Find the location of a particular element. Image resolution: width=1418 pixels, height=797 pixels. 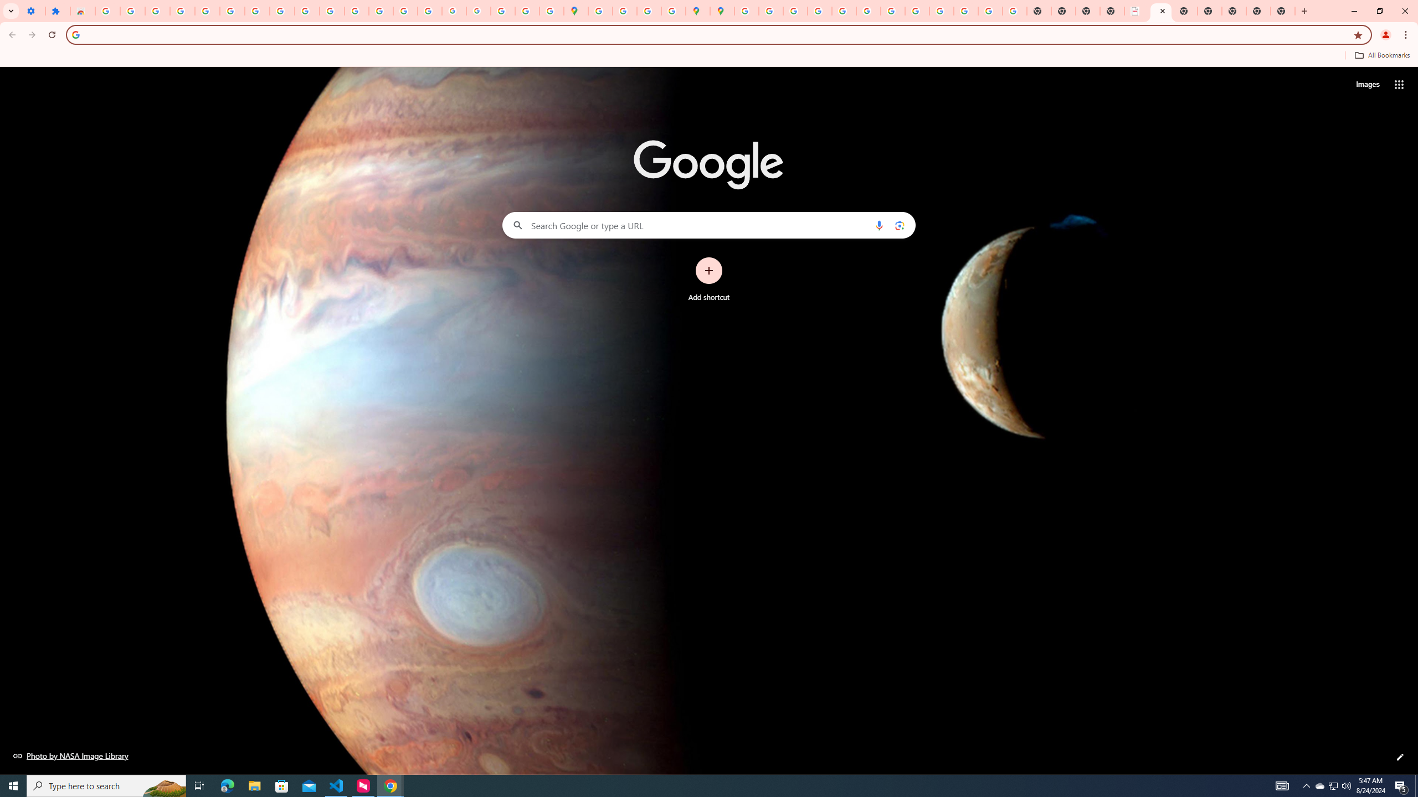

'https://scholar.google.com/' is located at coordinates (356, 11).